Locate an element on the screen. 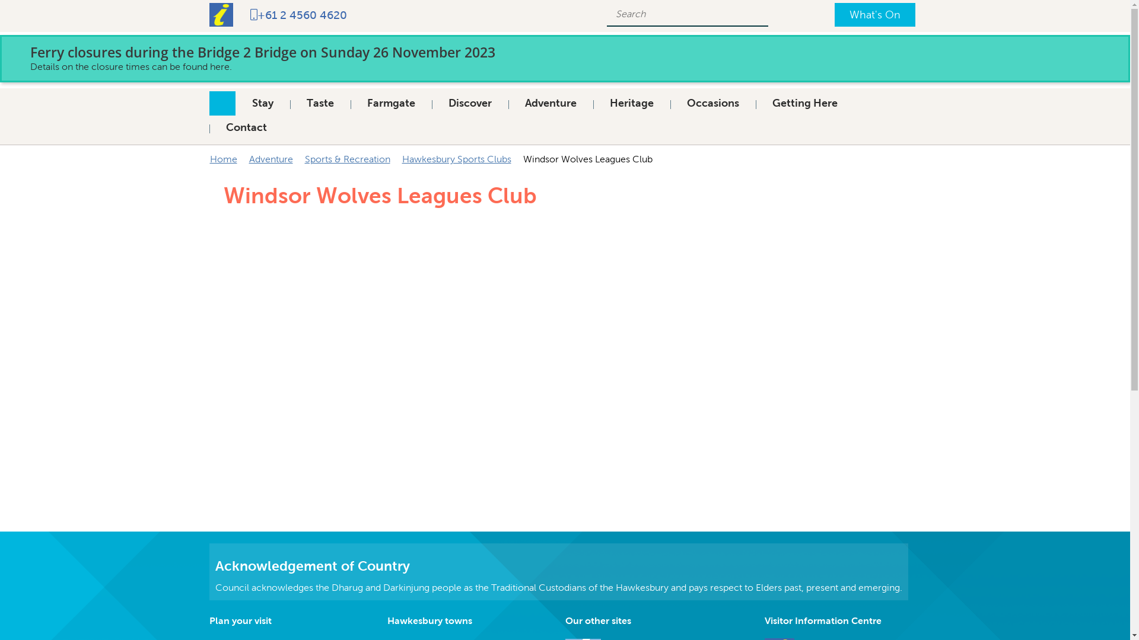  'Heritage' is located at coordinates (593, 103).